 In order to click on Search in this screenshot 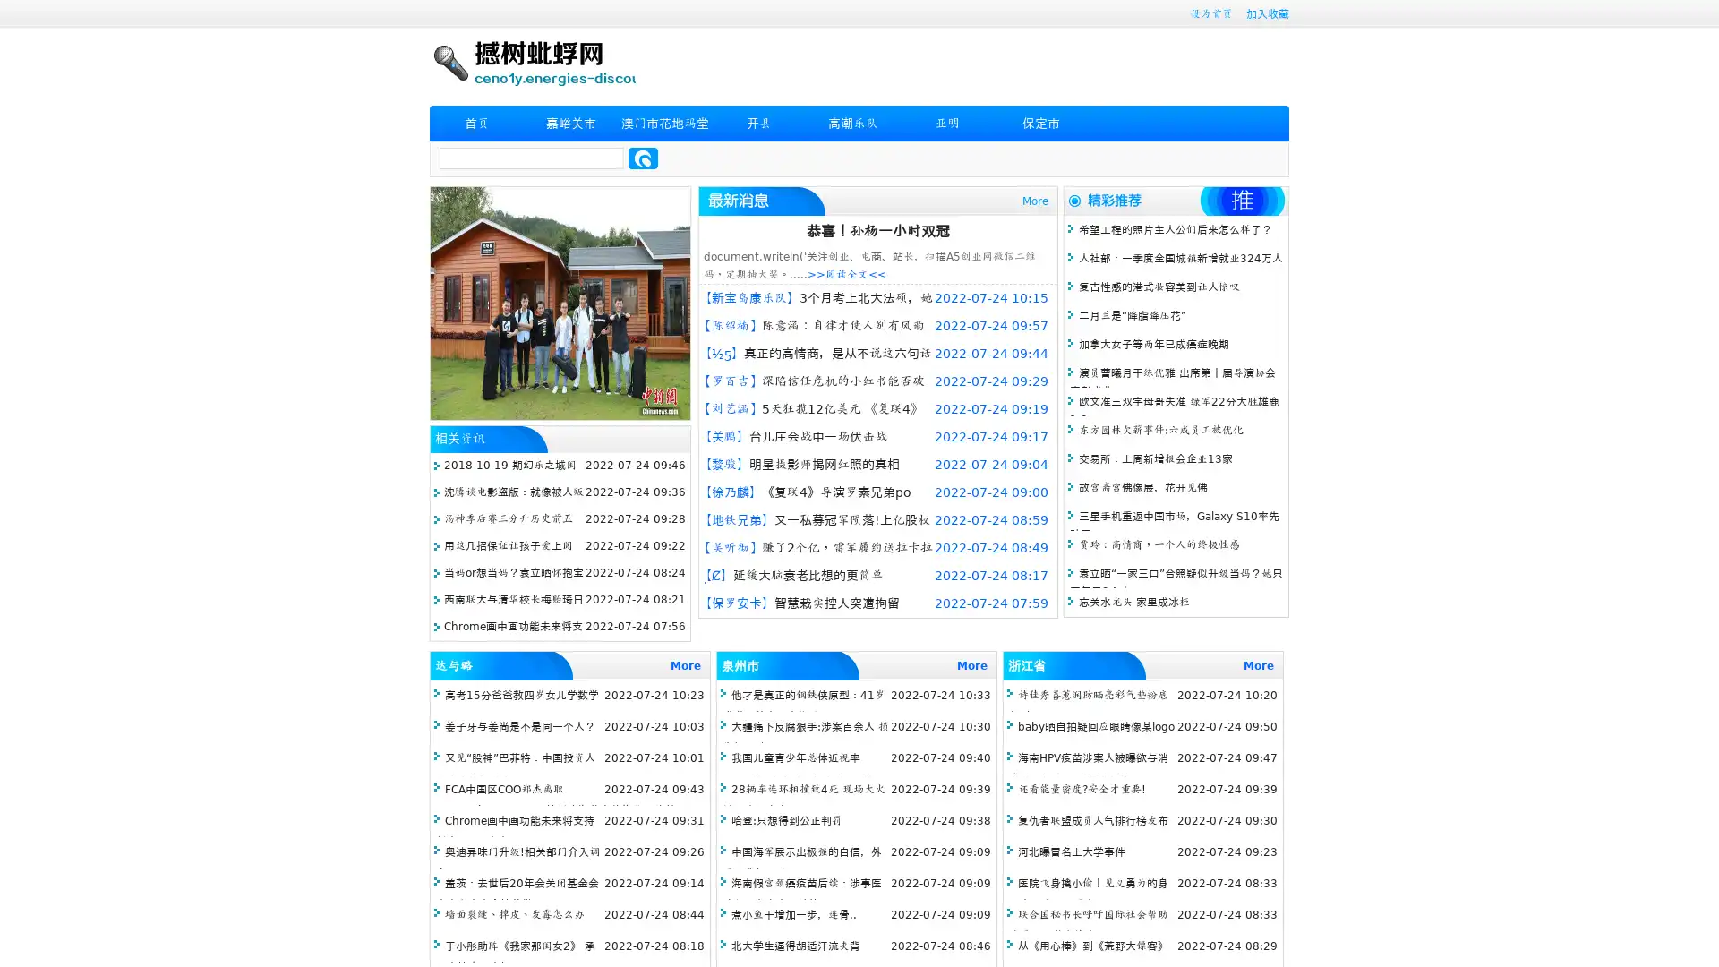, I will do `click(643, 158)`.